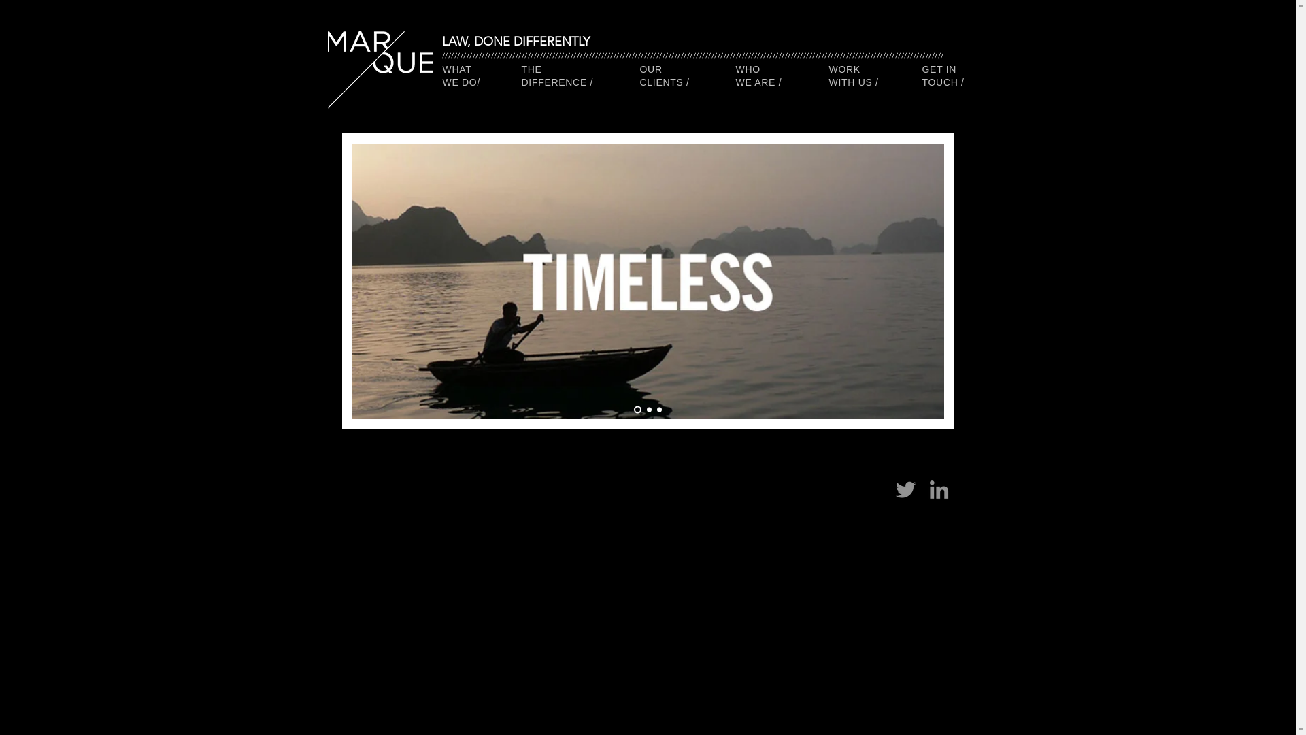 The height and width of the screenshot is (735, 1306). Describe the element at coordinates (664, 76) in the screenshot. I see `'OUR` at that location.